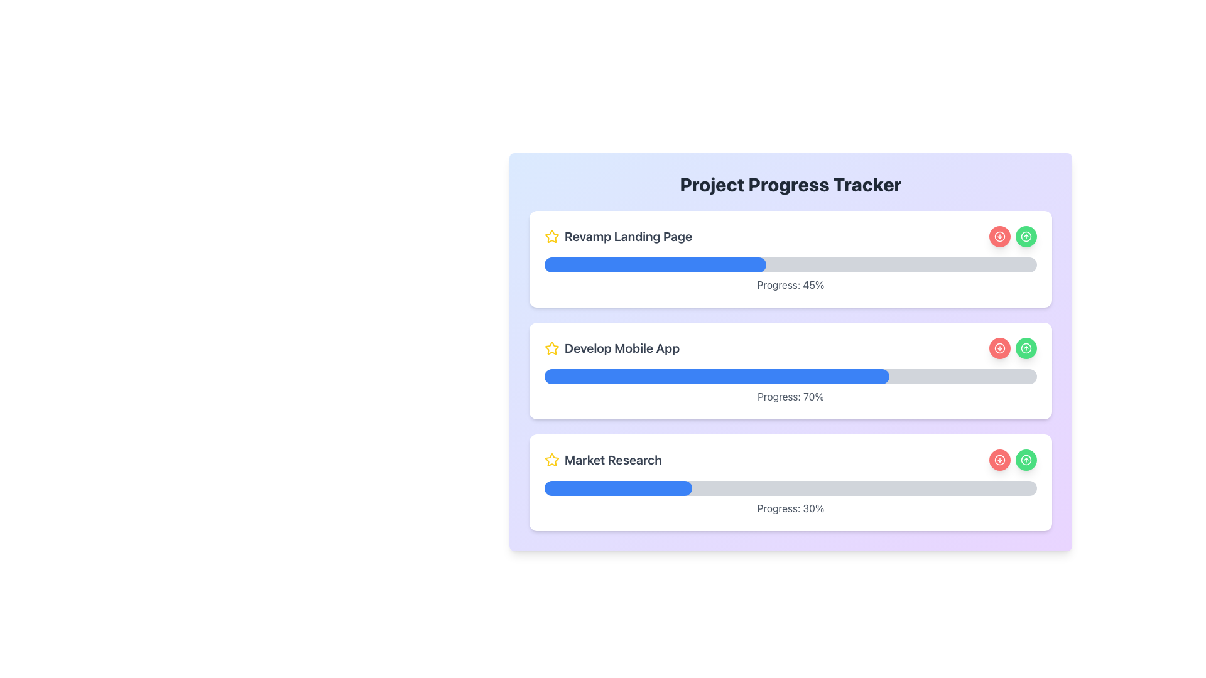 The width and height of the screenshot is (1206, 678). I want to click on the rightmost icon of the circular button group in the 'Market Research' task card, so click(1026, 460).